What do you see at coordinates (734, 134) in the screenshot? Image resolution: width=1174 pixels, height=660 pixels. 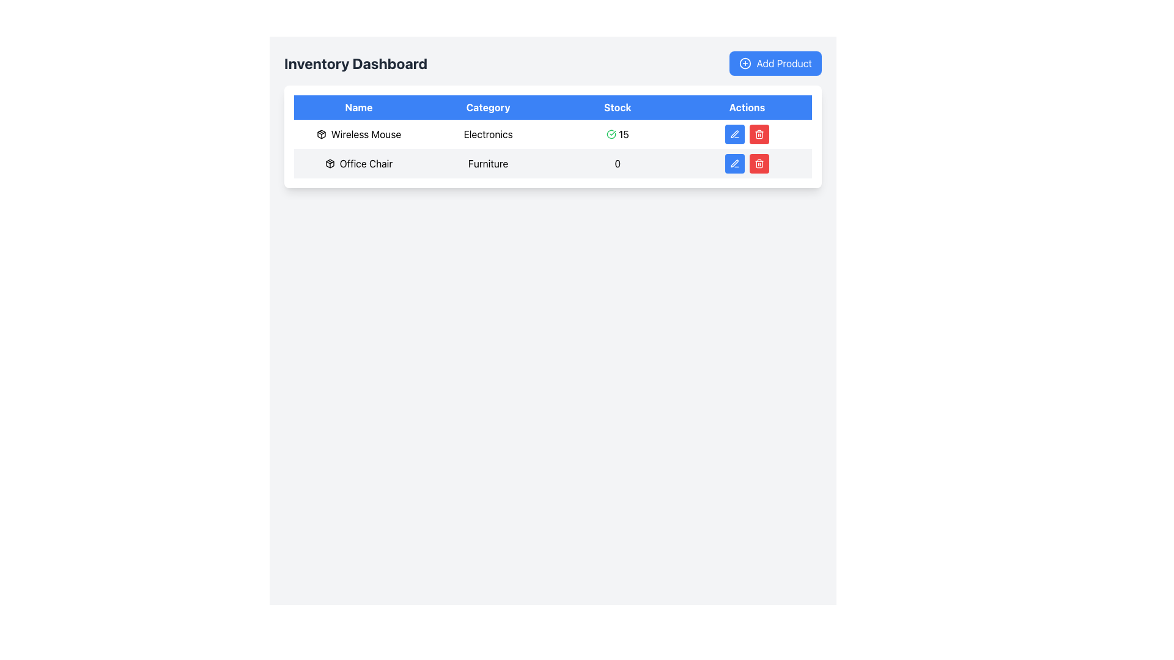 I see `the edit icon button located in the 'Actions' column of the first row, adjacent to the trash can icon, to initiate editing for the item 'Wireless Mouse'` at bounding box center [734, 134].